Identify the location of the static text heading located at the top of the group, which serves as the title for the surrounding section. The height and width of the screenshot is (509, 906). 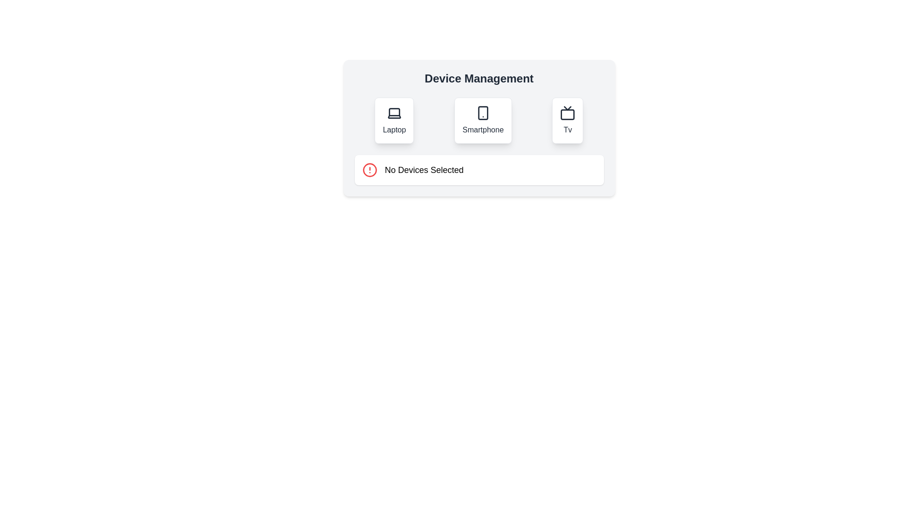
(479, 78).